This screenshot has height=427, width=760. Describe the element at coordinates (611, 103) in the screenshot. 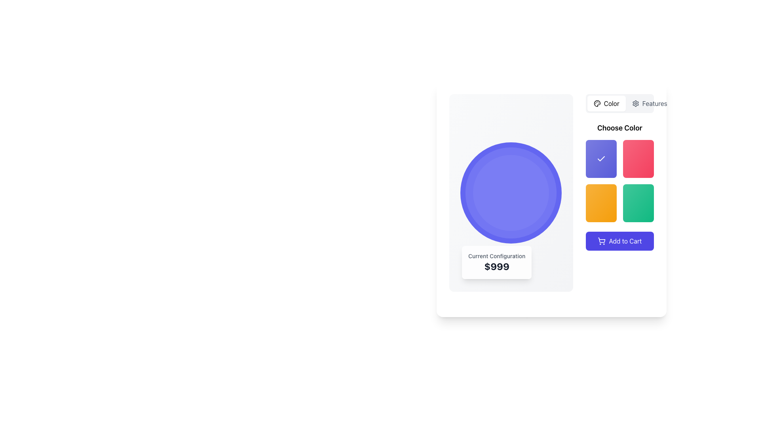

I see `the 'Color' settings text label located in the top right section of the interface, positioned immediately to the right of the related icon` at that location.